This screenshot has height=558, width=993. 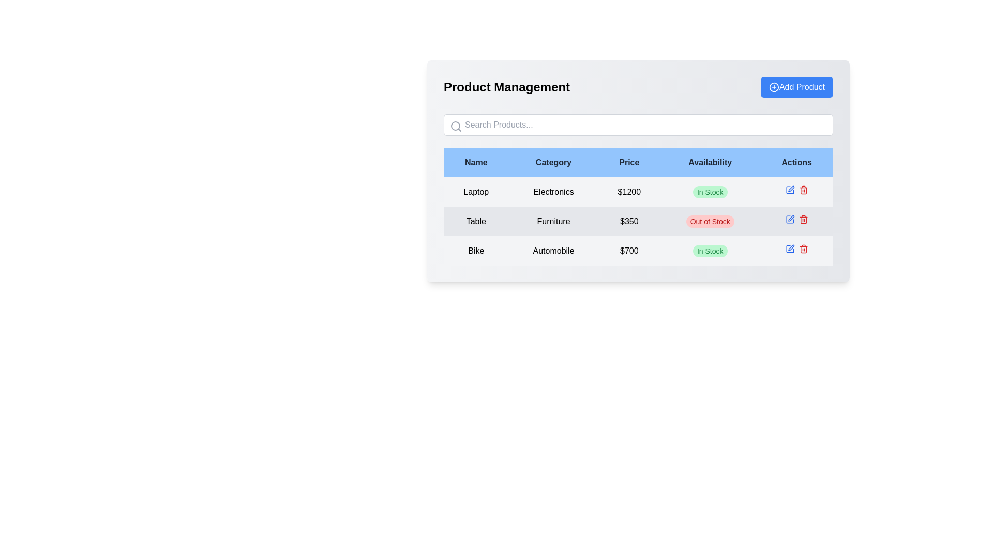 I want to click on the delete button for the 'Bike' entry located in the 'Actions' column of the table, so click(x=803, y=249).